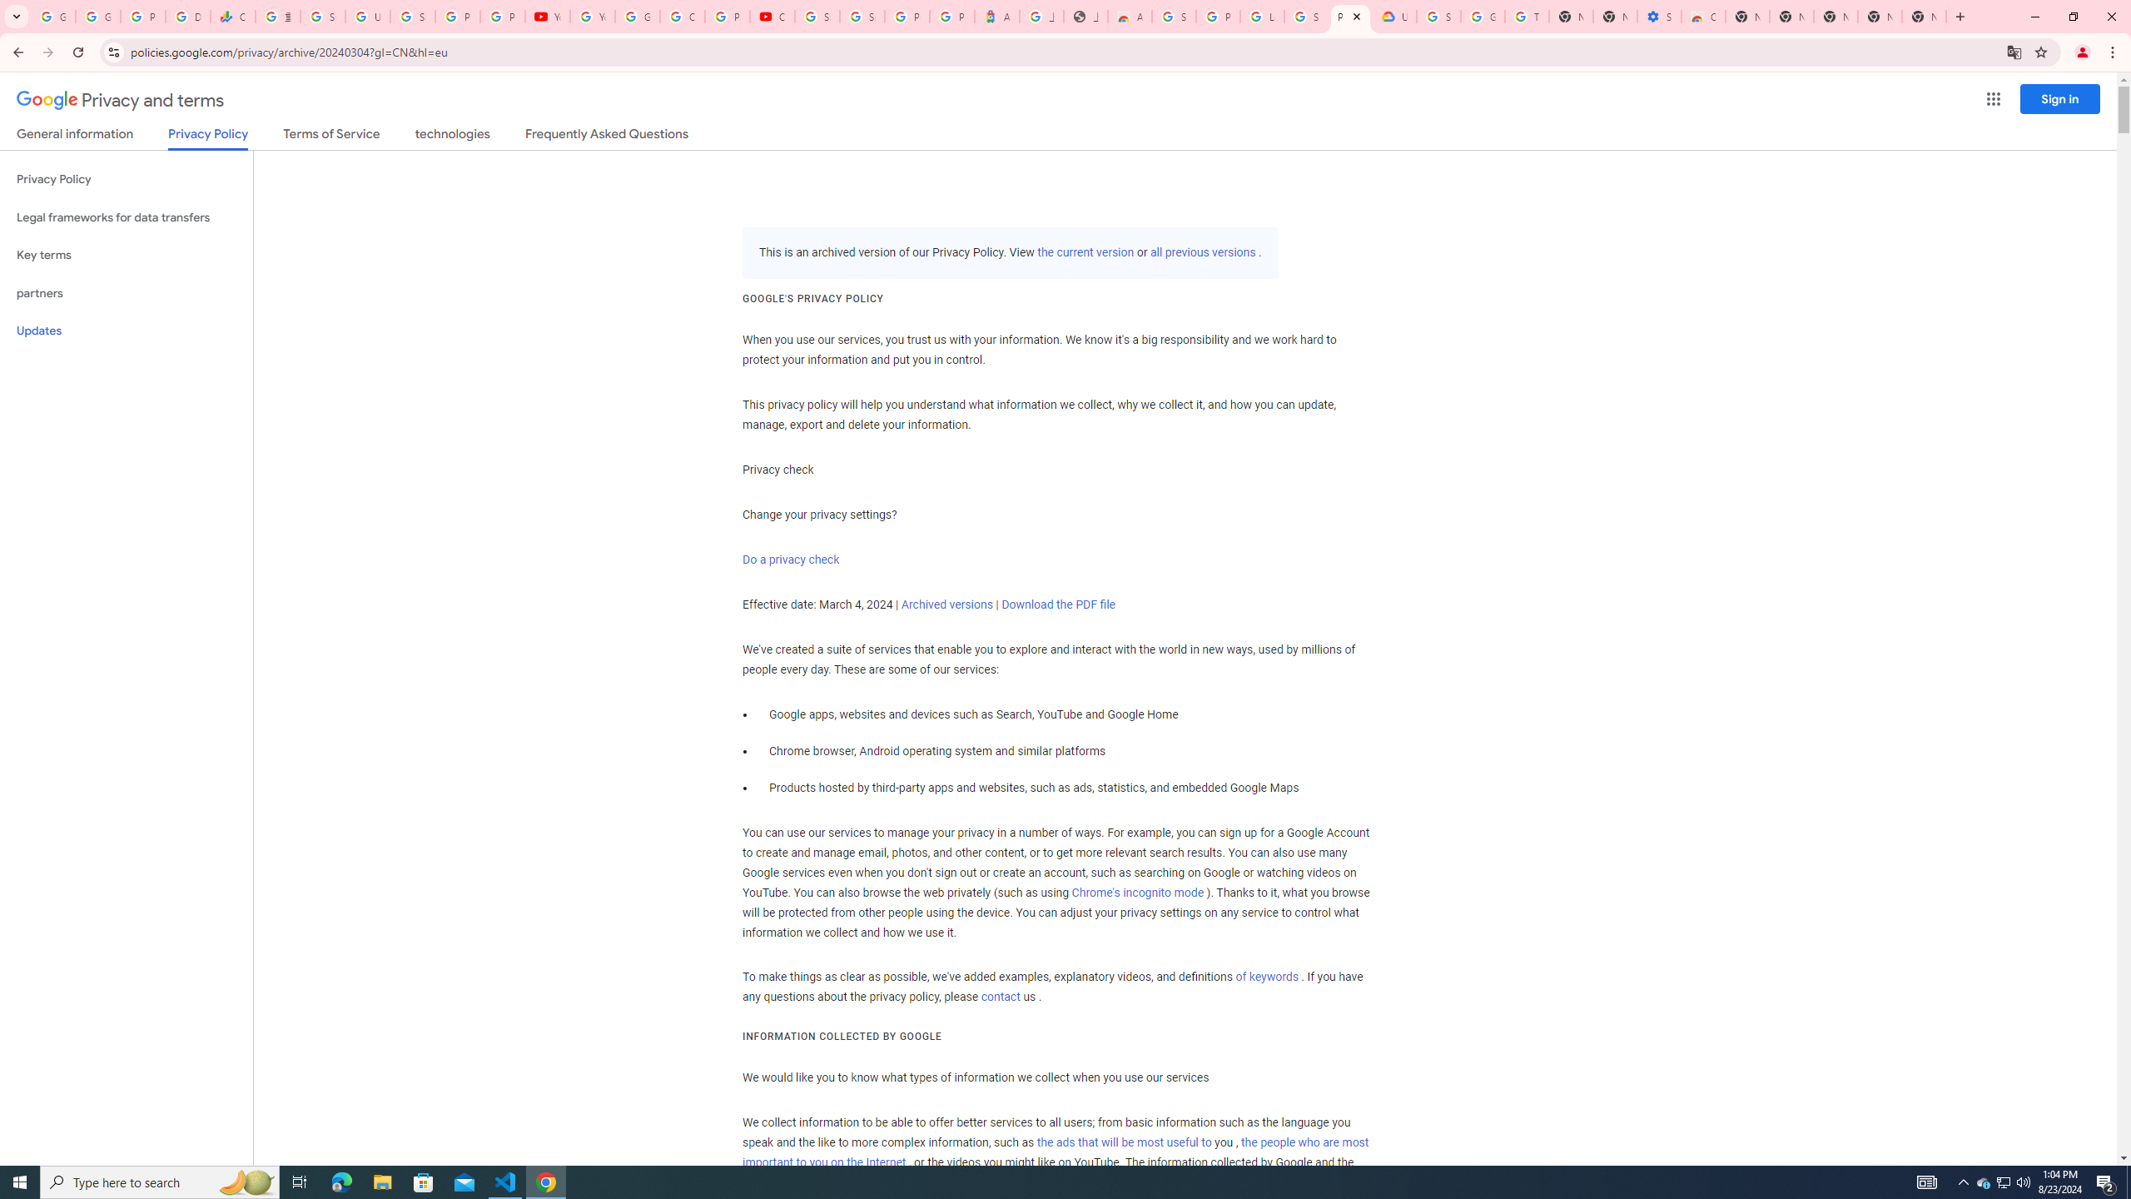 This screenshot has width=2131, height=1199. What do you see at coordinates (1201, 251) in the screenshot?
I see `'all previous versions'` at bounding box center [1201, 251].